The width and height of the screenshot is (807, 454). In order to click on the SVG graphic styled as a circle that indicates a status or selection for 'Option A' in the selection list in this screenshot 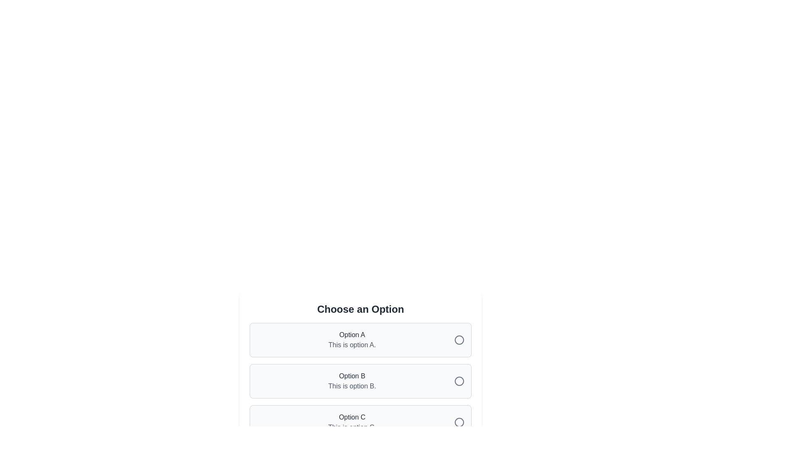, I will do `click(459, 340)`.